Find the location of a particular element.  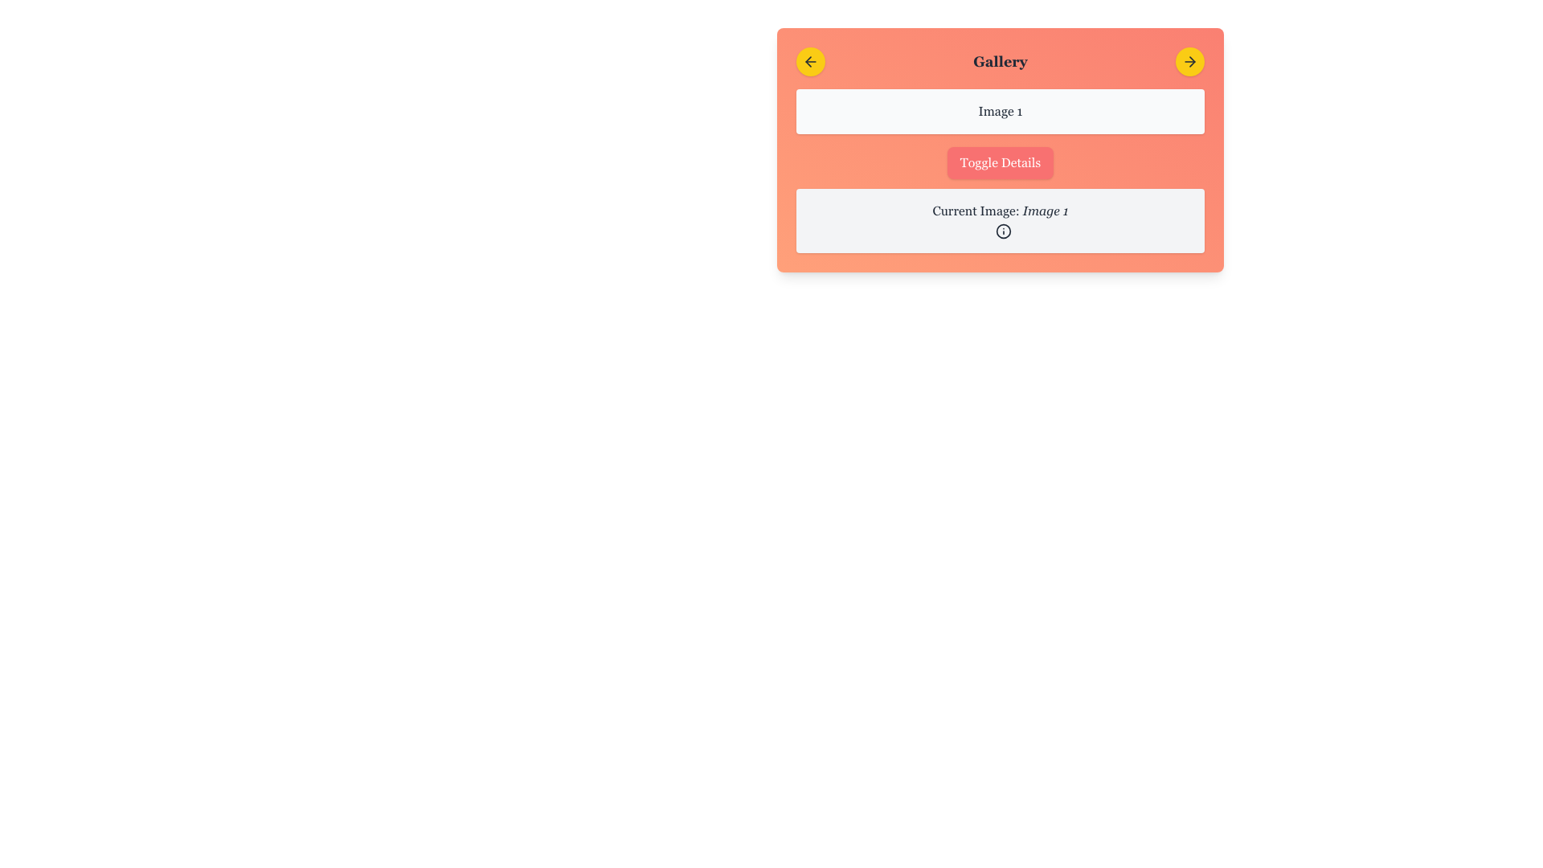

the navigational arrow icon located at the top left corner of the card interface is located at coordinates (808, 61).